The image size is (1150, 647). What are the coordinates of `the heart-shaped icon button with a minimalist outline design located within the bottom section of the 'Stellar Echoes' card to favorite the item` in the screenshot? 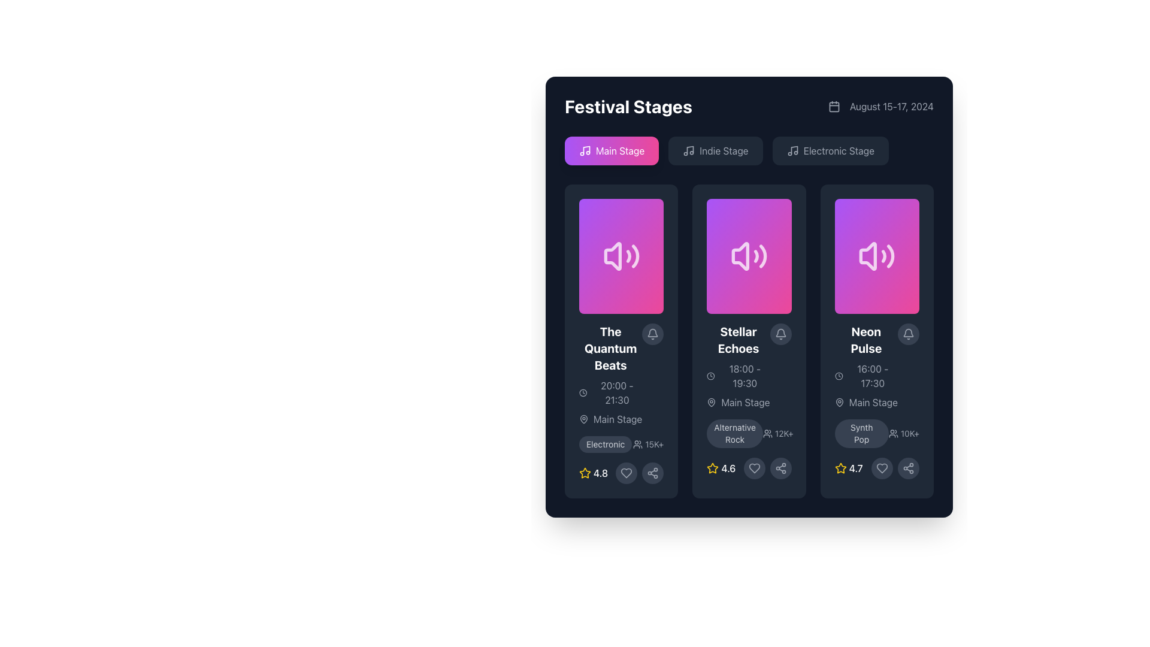 It's located at (753, 468).